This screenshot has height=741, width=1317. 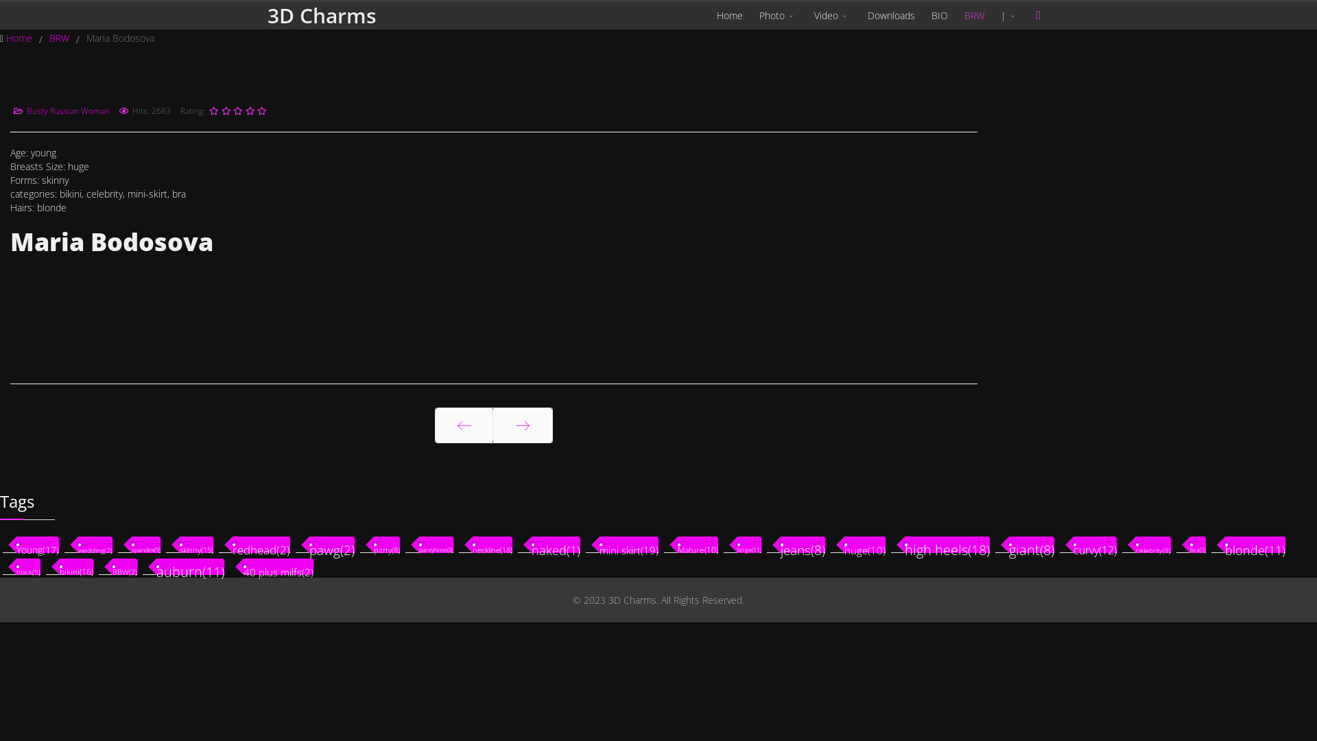 I want to click on 'Home', so click(x=20, y=37).